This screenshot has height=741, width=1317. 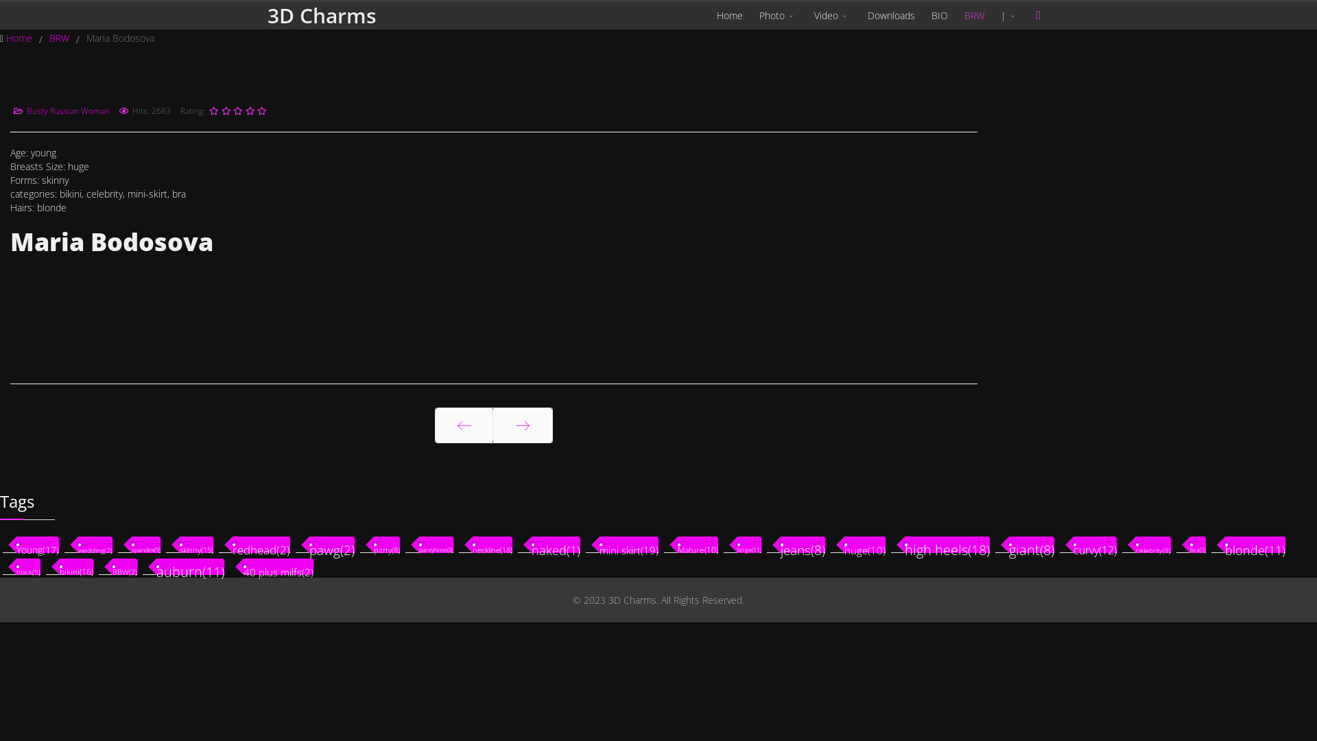 I want to click on 'Home', so click(x=20, y=37).